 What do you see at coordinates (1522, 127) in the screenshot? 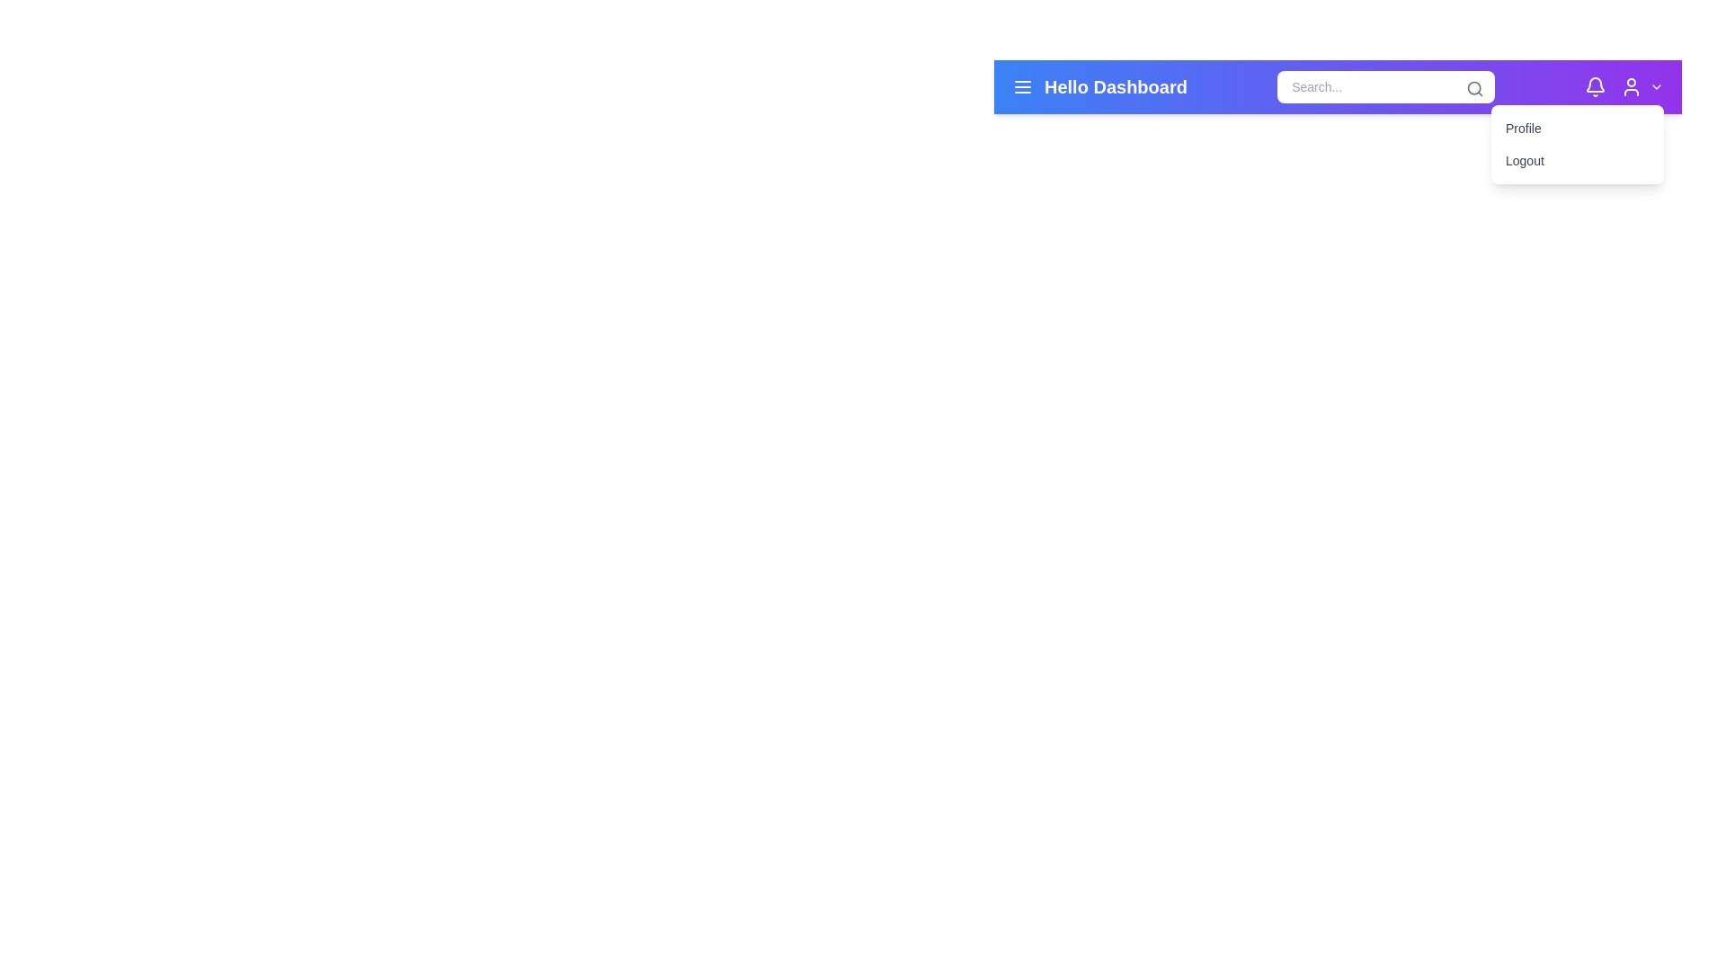
I see `the 'Profile' menu item in the dropdown menu` at bounding box center [1522, 127].